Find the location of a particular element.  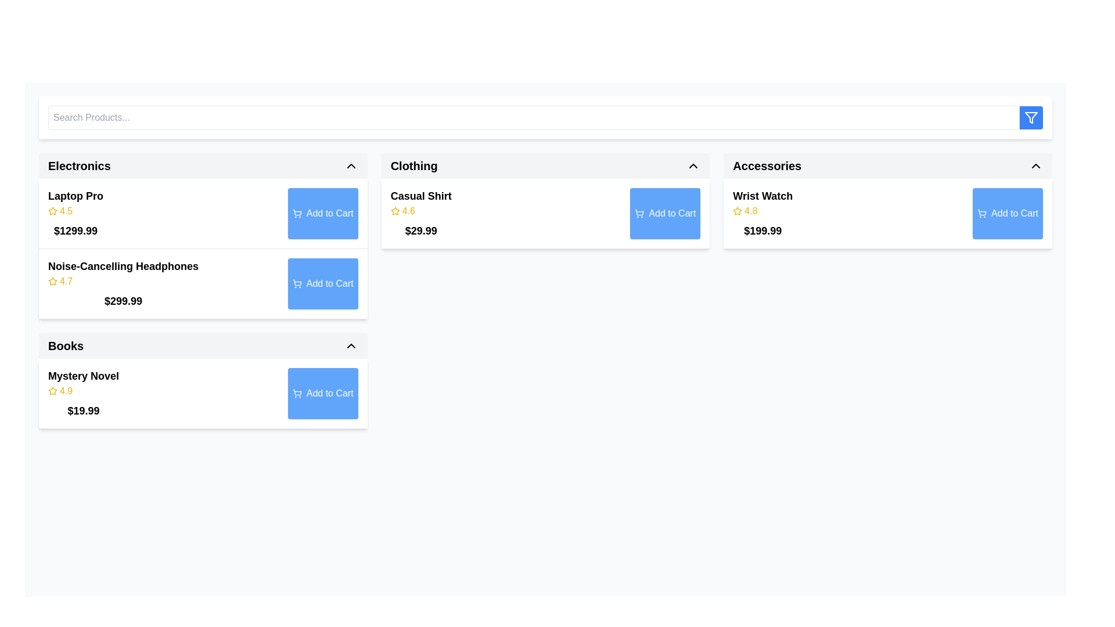

the yellow star-shaped rating icon located in the 'Books' section next to the '4.9' rating for the 'Mystery Novel' product is located at coordinates (52, 391).